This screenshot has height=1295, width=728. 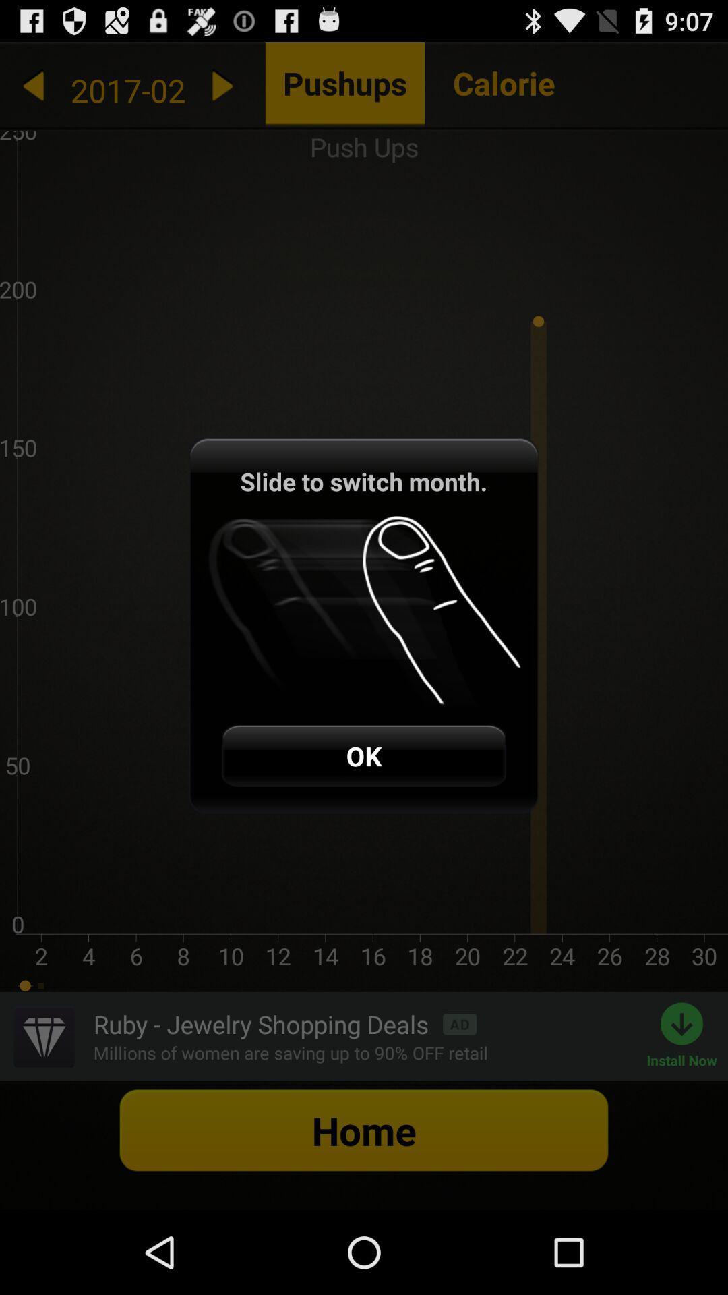 I want to click on ok icon, so click(x=364, y=755).